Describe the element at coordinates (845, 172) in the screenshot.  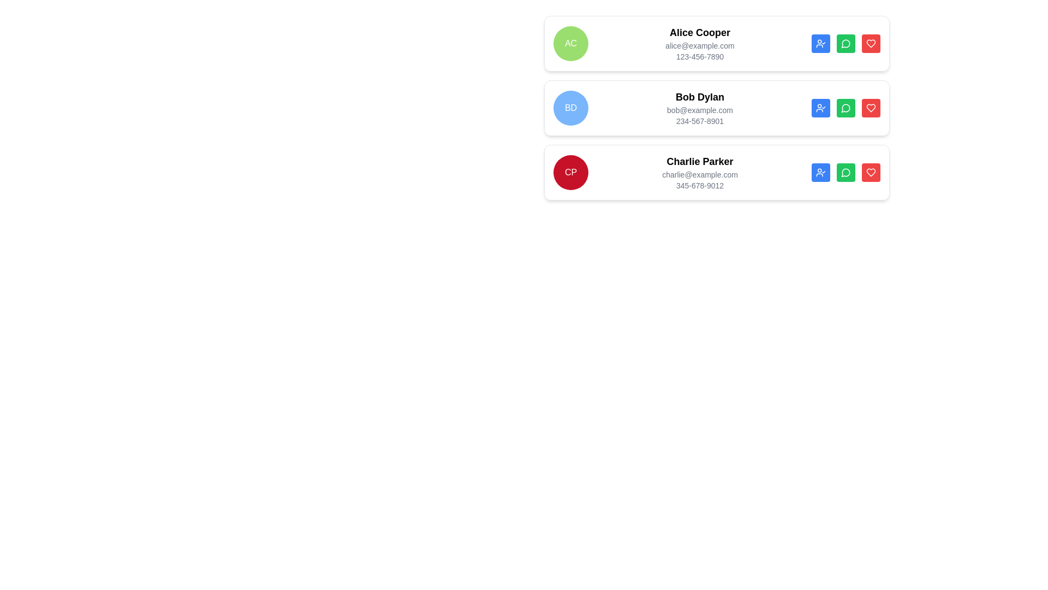
I see `the second button in the row of three buttons located at the bottom of the contact information cards for 'Charlie Parker'` at that location.